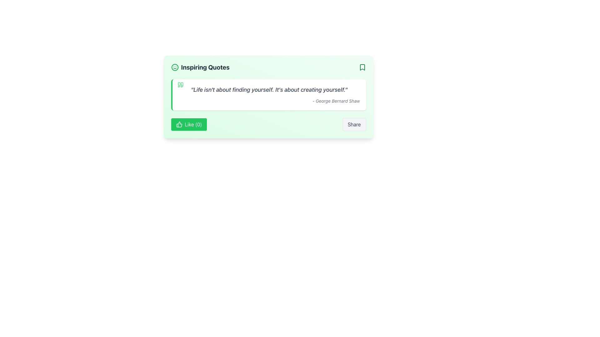 The width and height of the screenshot is (600, 337). I want to click on the green rounded rectangle button labeled 'Like (0)' that contains the thumbs-up icon, located at the bottom-left corner of the card, so click(179, 124).